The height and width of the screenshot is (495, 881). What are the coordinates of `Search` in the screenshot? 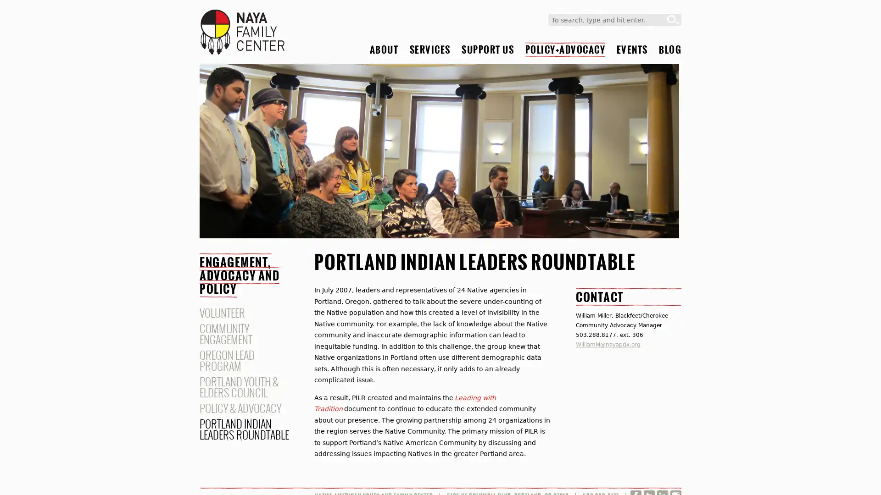 It's located at (673, 20).